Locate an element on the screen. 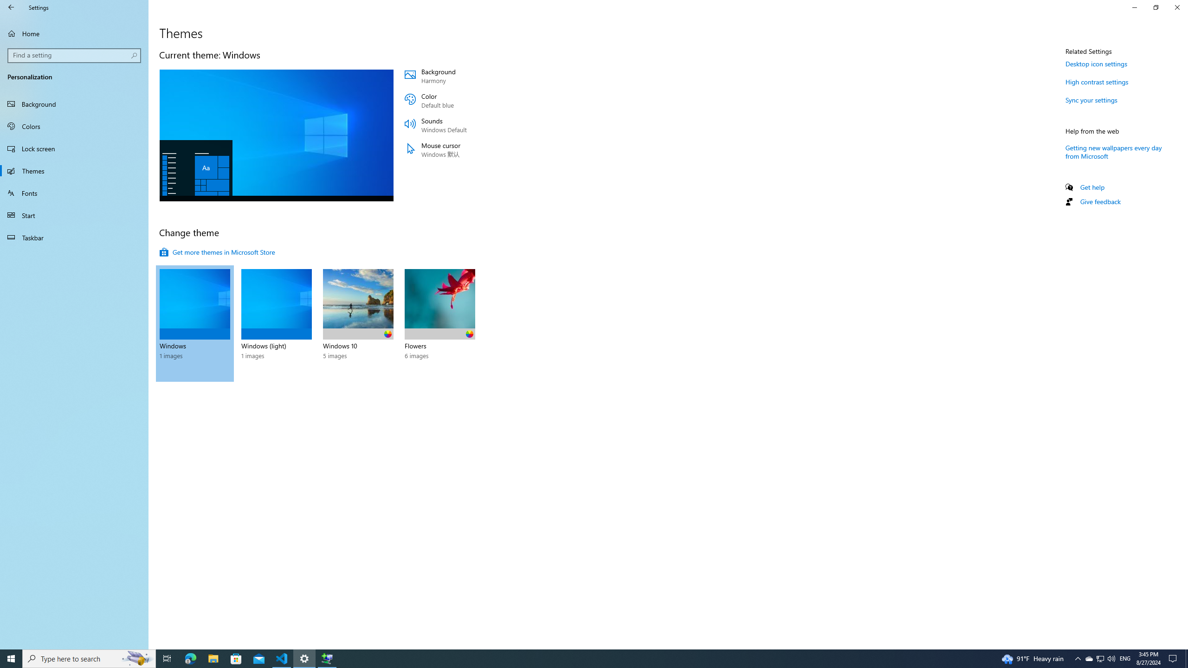 This screenshot has width=1188, height=668. 'Give feedback' is located at coordinates (1099, 201).